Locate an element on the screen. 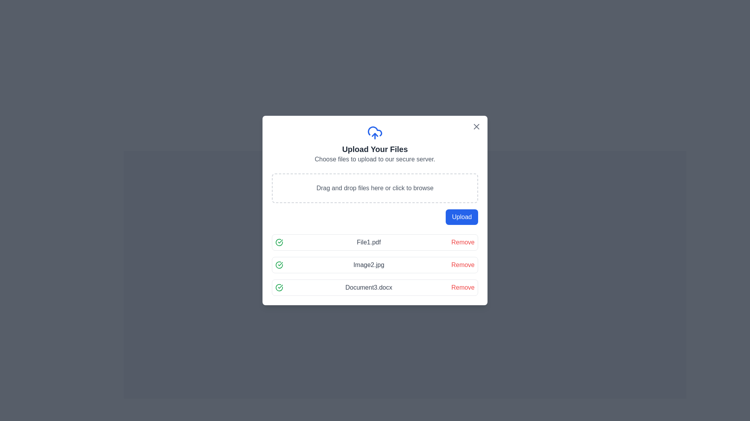 This screenshot has width=750, height=421. the upload icon located at the top center of the modal dialog box, directly above the text 'Upload Your Files' is located at coordinates (375, 132).